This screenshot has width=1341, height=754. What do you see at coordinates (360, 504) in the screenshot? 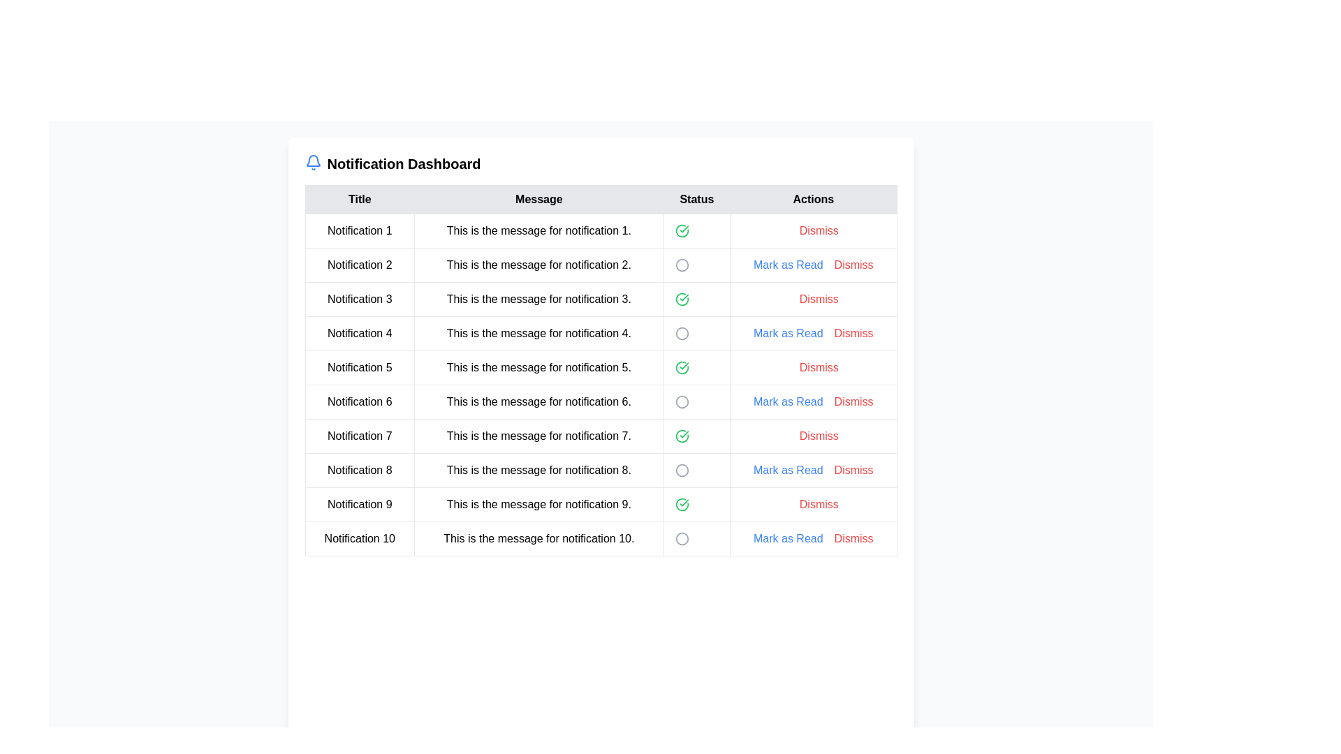
I see `the text label that reads 'Notification 9', which is styled with a centered alignment in a minimalist black font on a white background, located in the 'Title' column of the ninth row` at bounding box center [360, 504].